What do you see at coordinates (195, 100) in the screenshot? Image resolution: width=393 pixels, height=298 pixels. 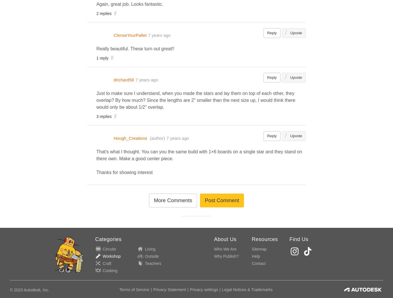 I see `'Just to make sure I understand, when you made the stars and lay them on top of each other, they overlap?  By how much?  Since the lengths are 2" smaller than the next size up, I would think there would only be about 1/2" overlap.'` at bounding box center [195, 100].